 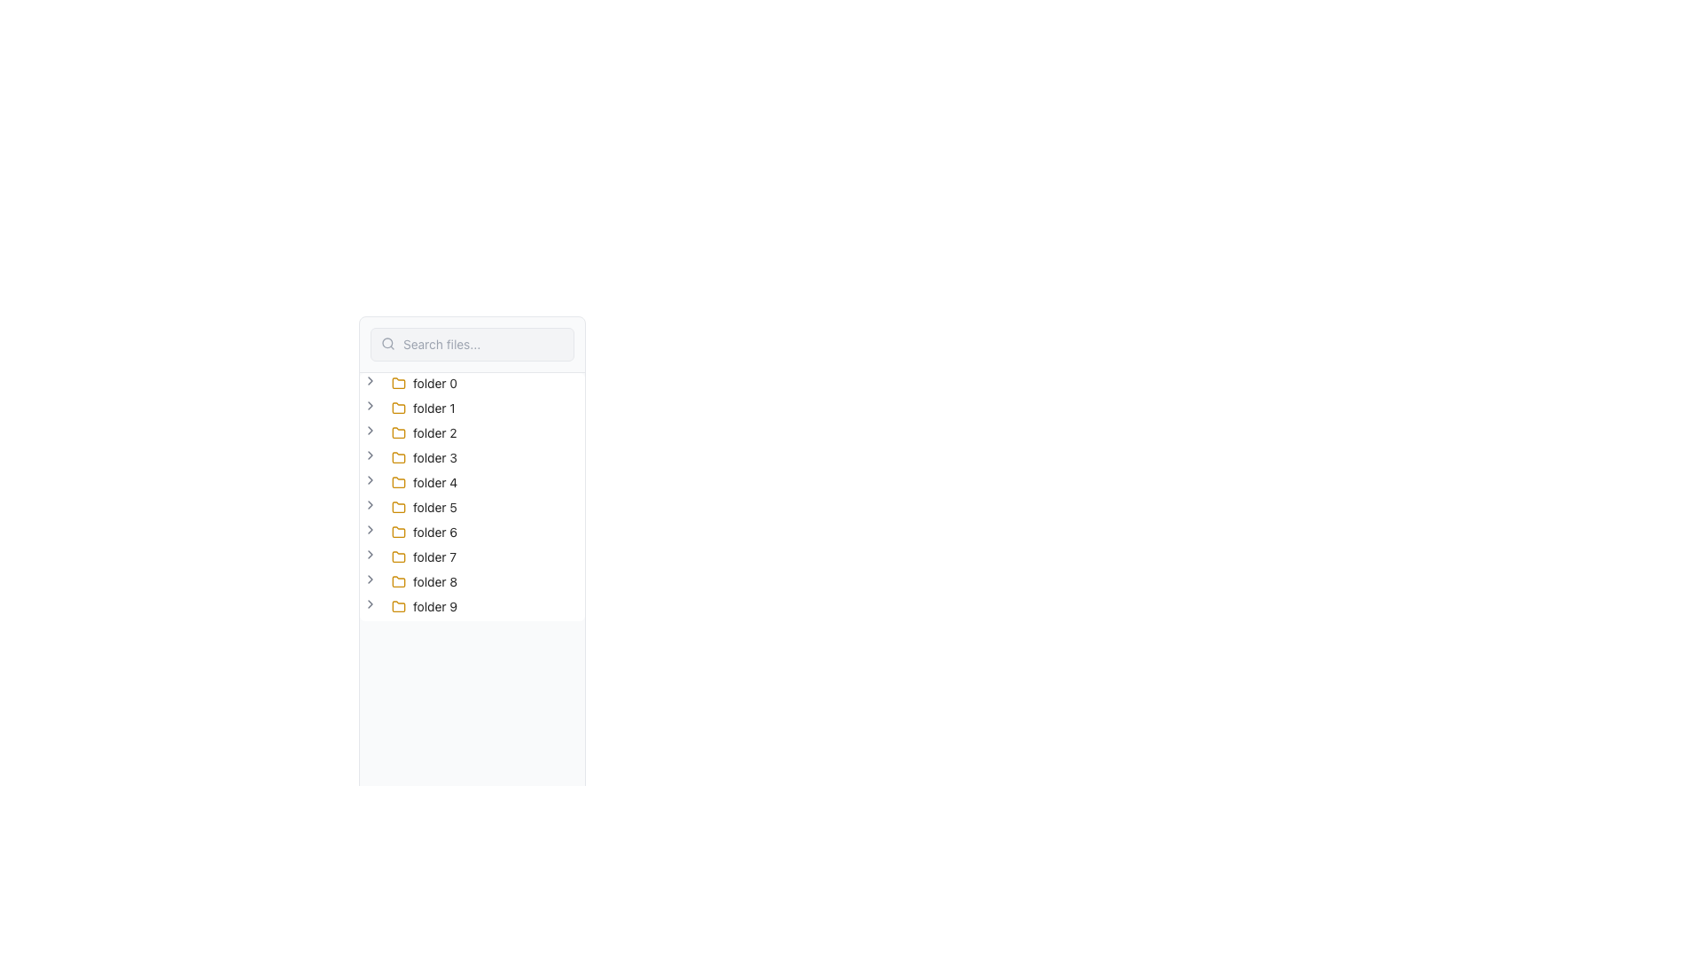 What do you see at coordinates (424, 456) in the screenshot?
I see `the 'folder 3' text label with a yellow folder icon on the left` at bounding box center [424, 456].